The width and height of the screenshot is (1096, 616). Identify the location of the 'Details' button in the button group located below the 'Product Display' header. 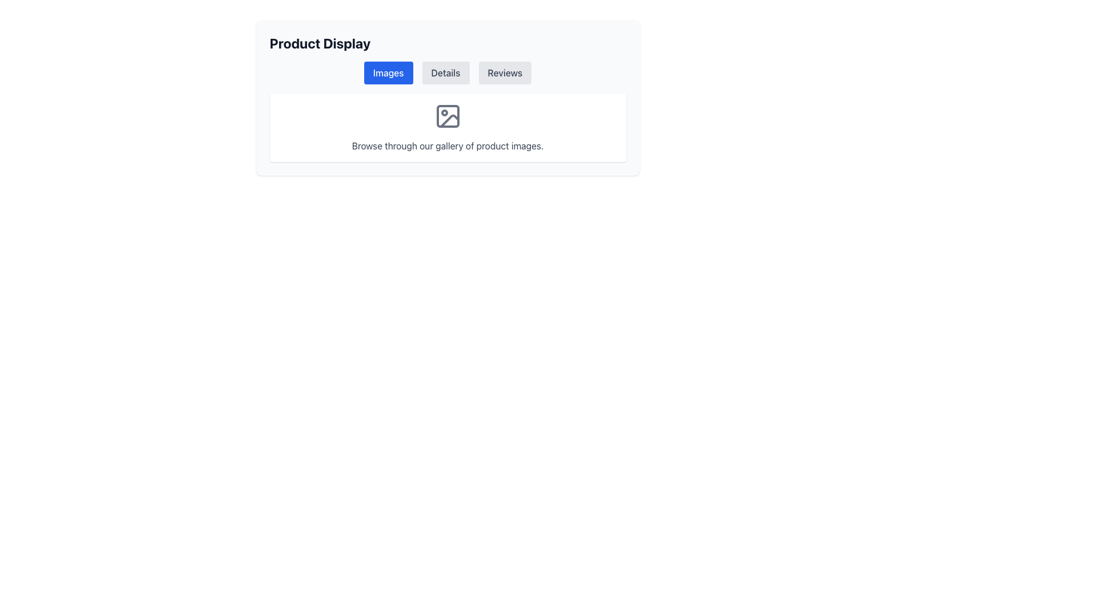
(447, 72).